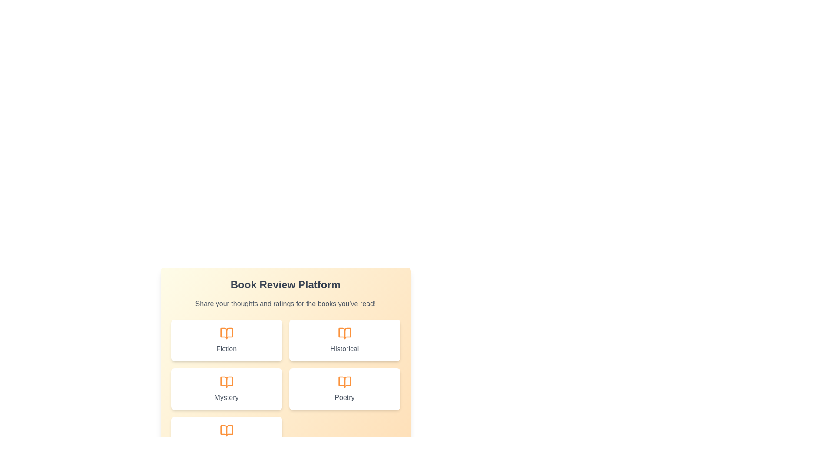 Image resolution: width=834 pixels, height=469 pixels. I want to click on the orange-colored open book icon located above the 'Poetry' text within the 'Poetry' card, so click(344, 381).